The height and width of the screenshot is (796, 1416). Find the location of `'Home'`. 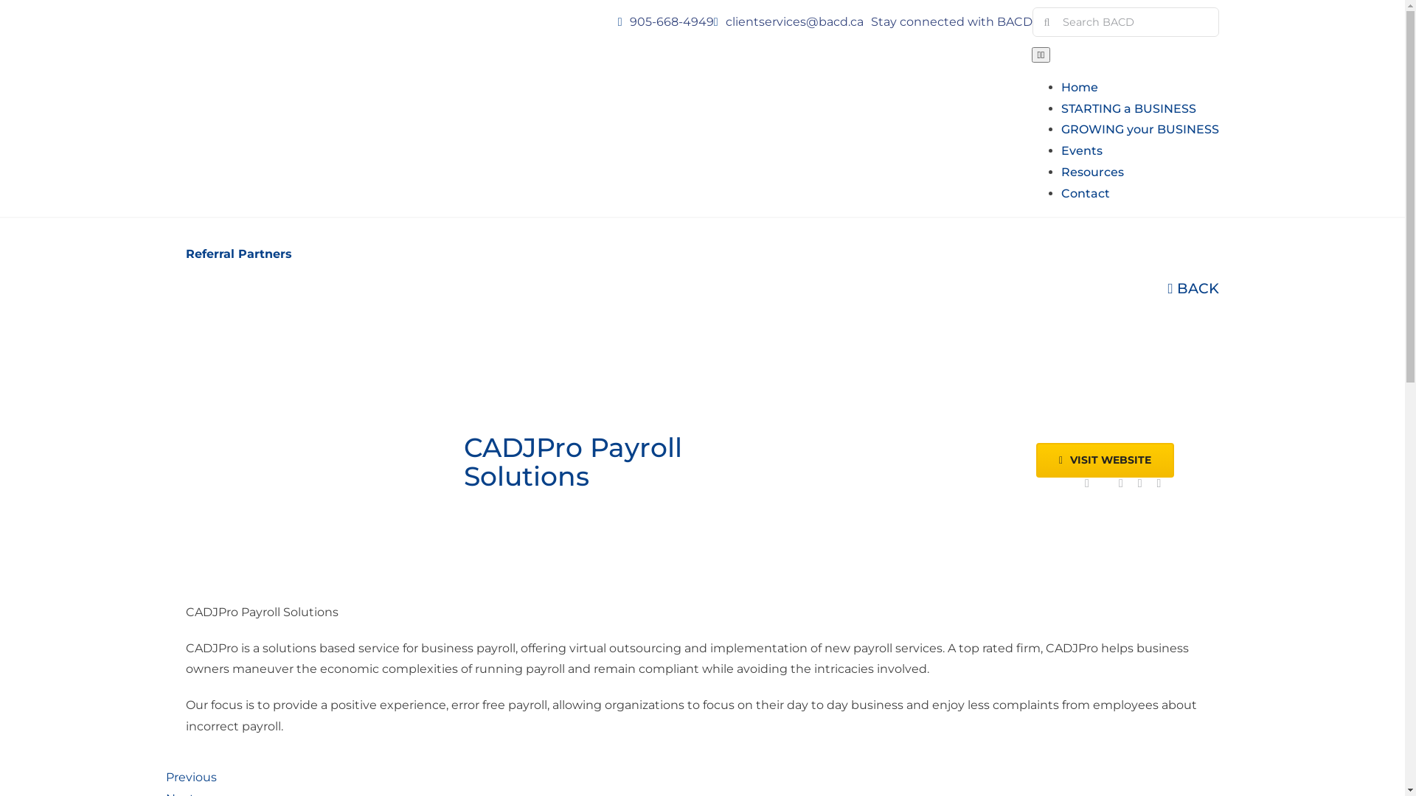

'Home' is located at coordinates (1080, 87).